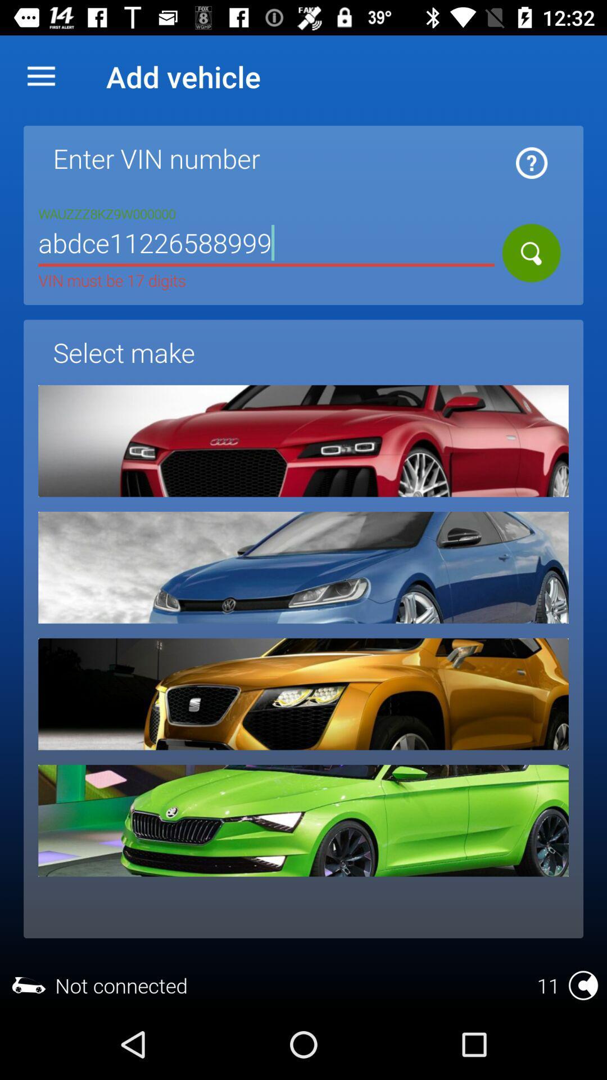 This screenshot has height=1080, width=607. What do you see at coordinates (531, 253) in the screenshot?
I see `search` at bounding box center [531, 253].